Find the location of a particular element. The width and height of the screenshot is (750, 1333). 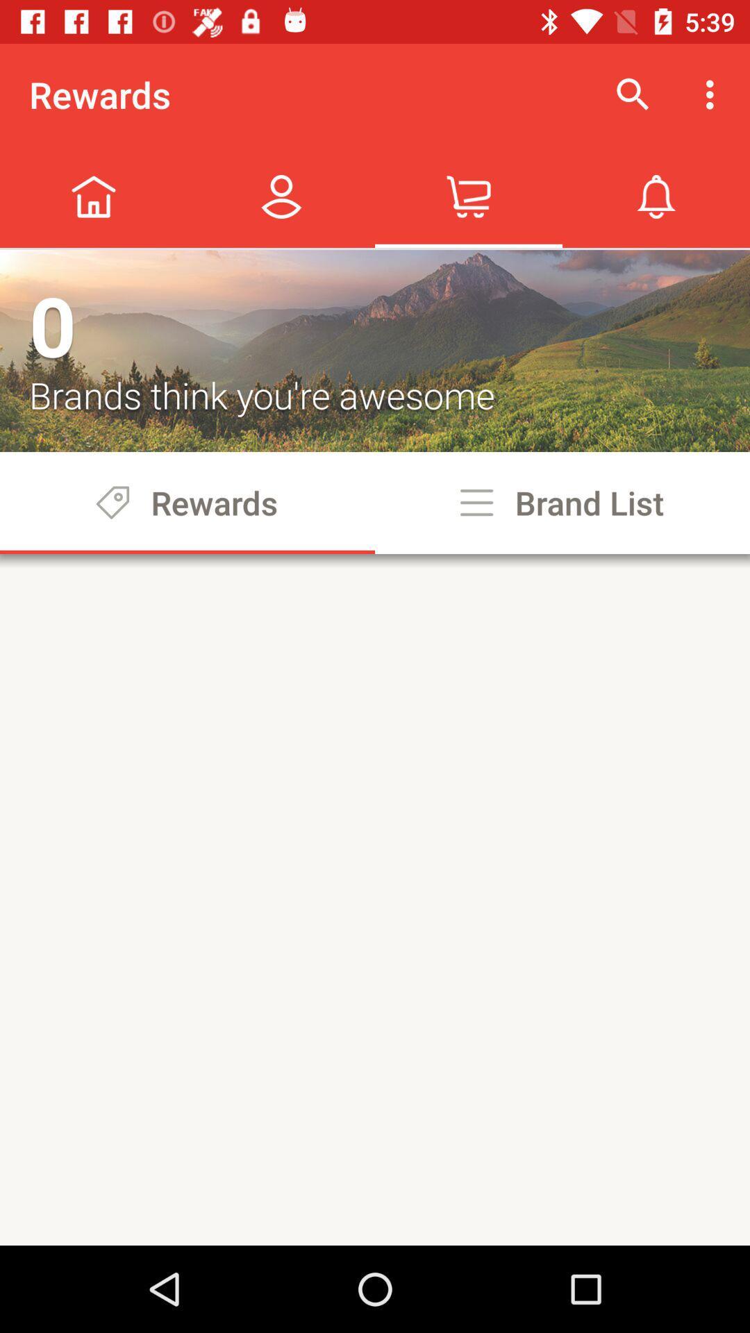

the cart is located at coordinates (469, 196).